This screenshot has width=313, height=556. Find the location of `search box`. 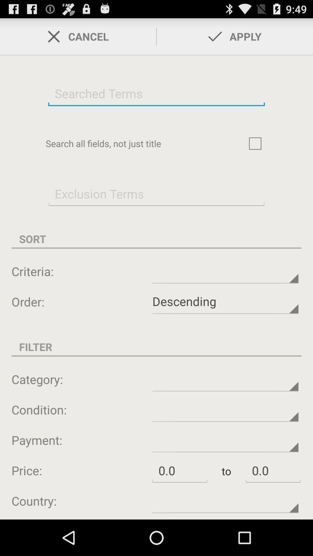

search box is located at coordinates (255, 143).